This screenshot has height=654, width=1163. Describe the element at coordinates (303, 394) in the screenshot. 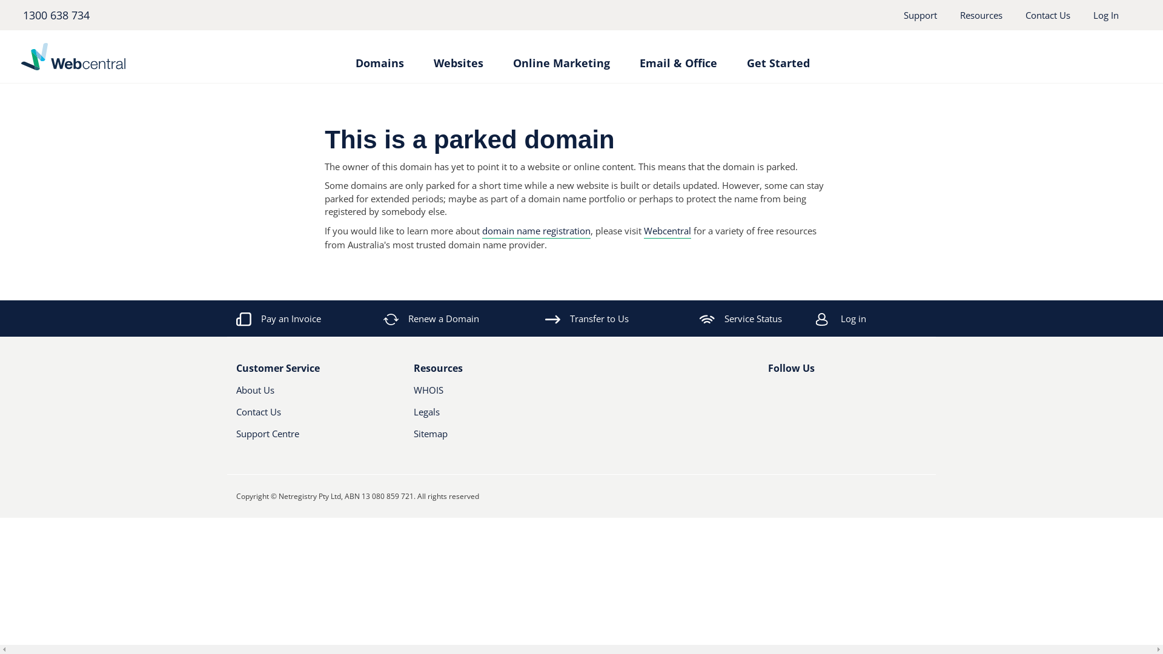

I see `'About Us'` at that location.